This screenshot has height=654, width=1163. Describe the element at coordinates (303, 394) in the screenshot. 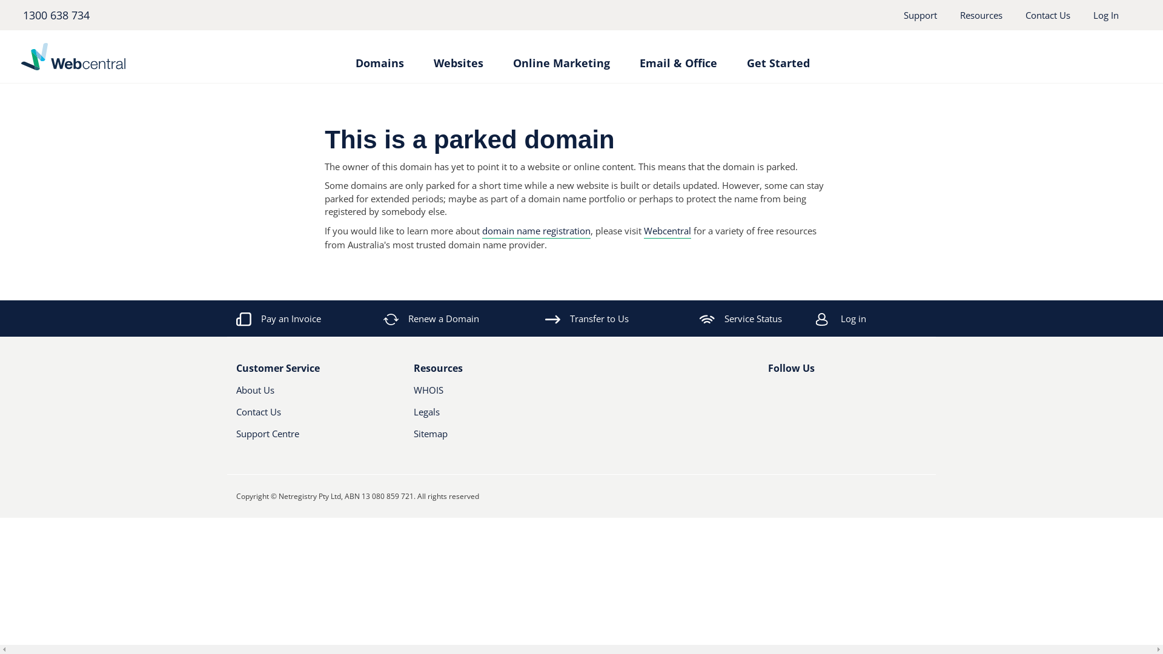

I see `'About Us'` at that location.